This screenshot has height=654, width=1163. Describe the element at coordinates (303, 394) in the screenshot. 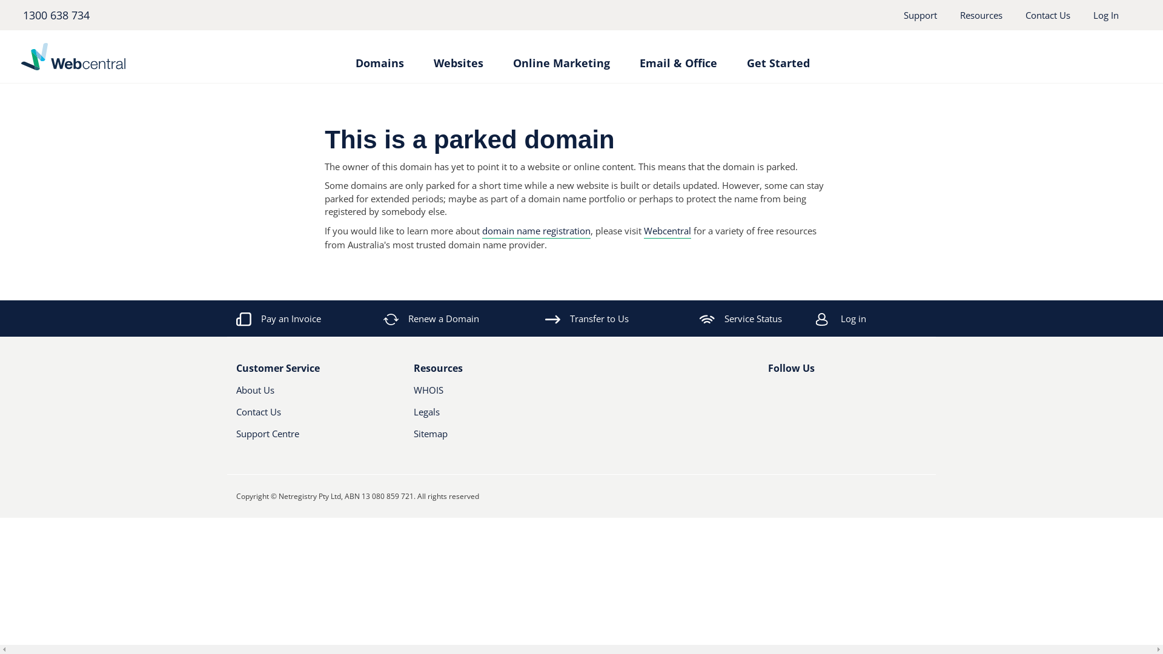

I see `'About Us'` at that location.